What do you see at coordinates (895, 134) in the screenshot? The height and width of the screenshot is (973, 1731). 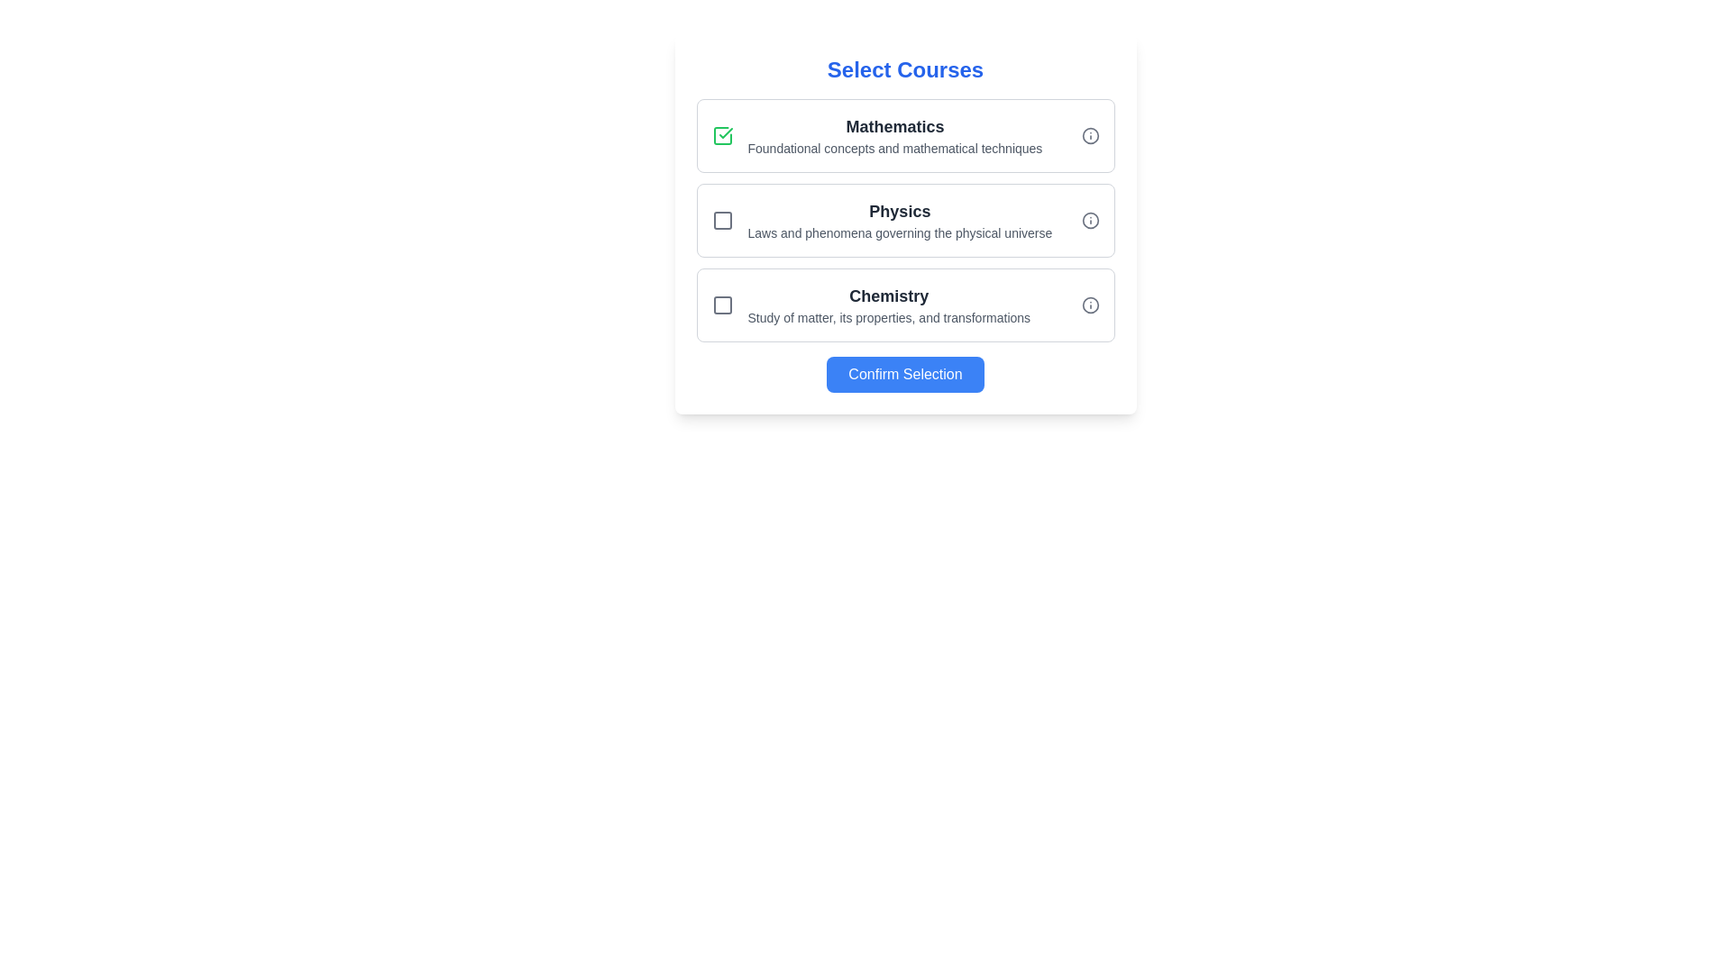 I see `the text block displaying the course title 'Mathematics' and its description, which is positioned in the first section of the 'Select Courses' interface, to the right of a checkbox and above an information icon` at bounding box center [895, 134].